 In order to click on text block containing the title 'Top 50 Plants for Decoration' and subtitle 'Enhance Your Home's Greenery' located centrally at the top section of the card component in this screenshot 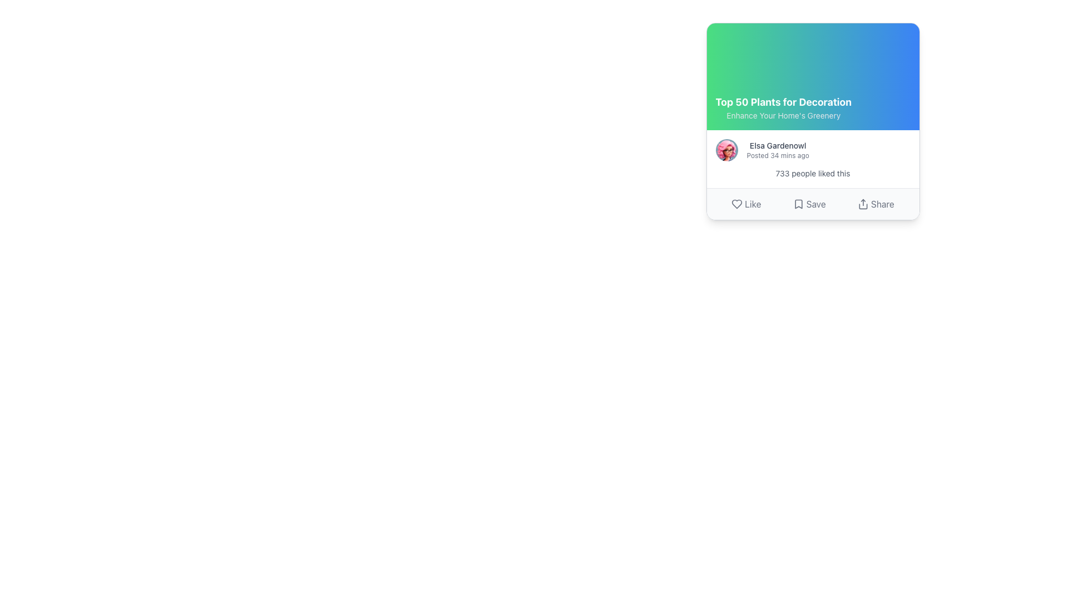, I will do `click(783, 107)`.